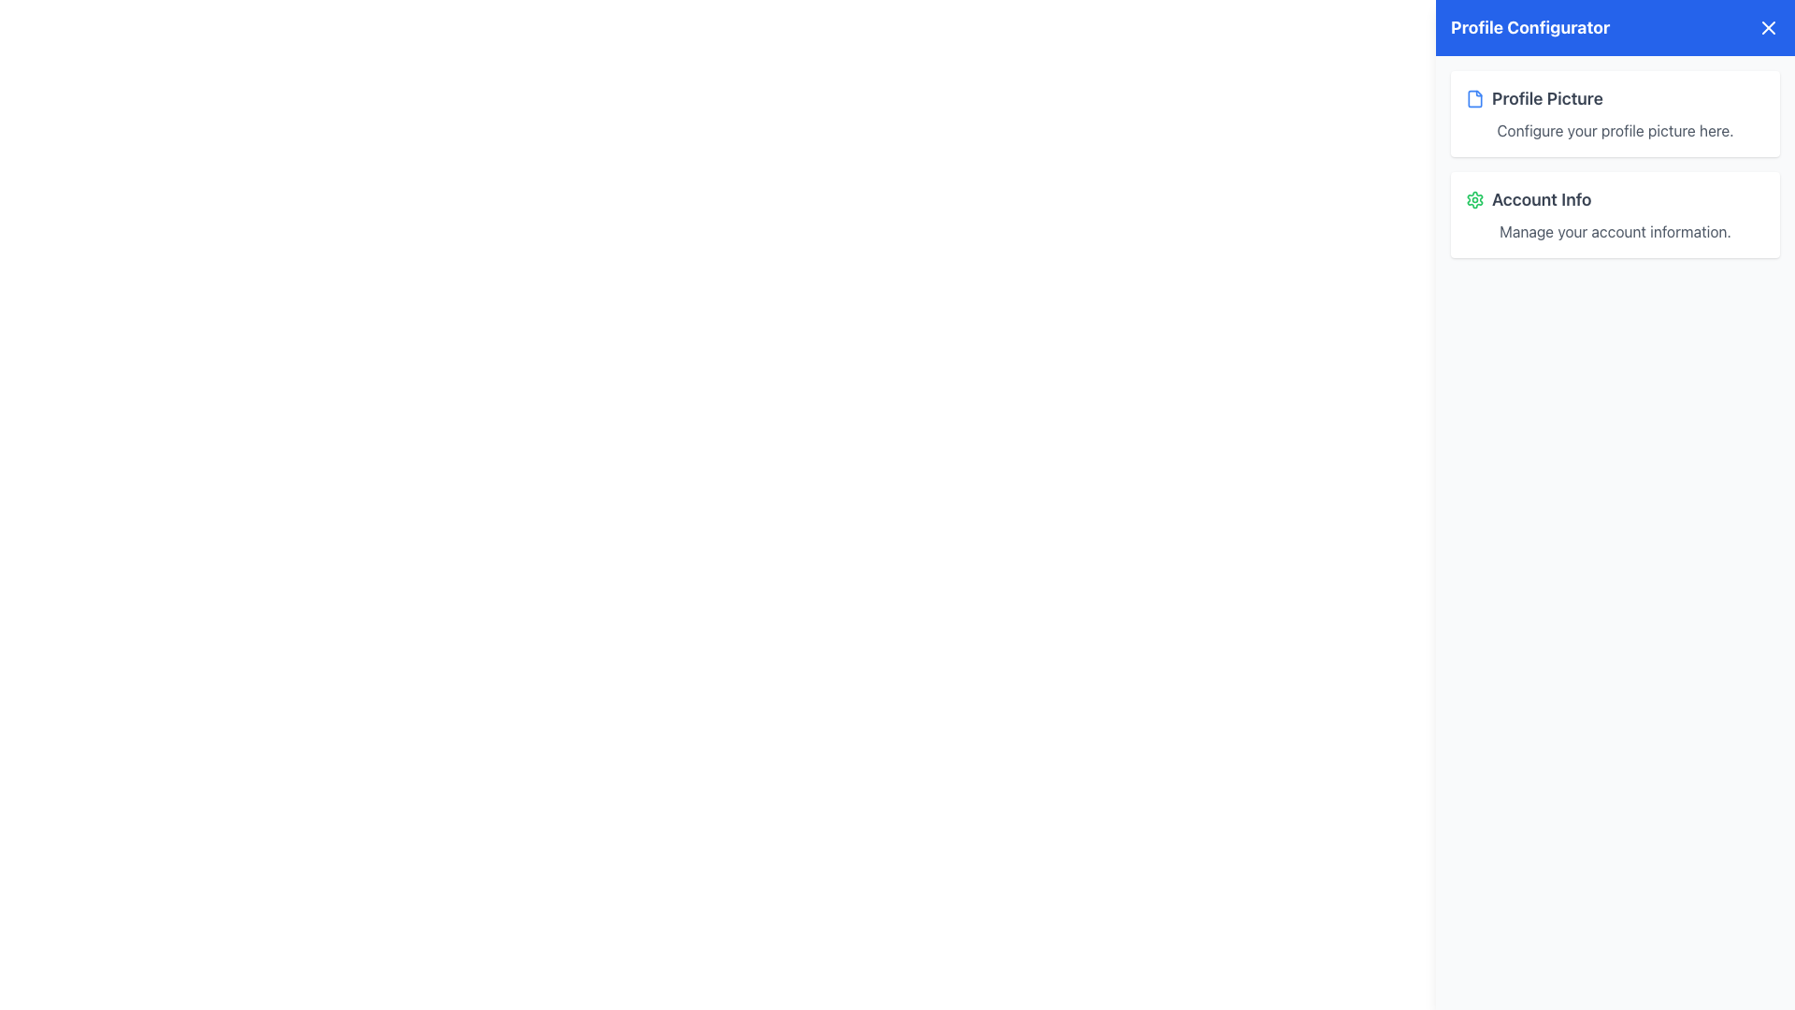  What do you see at coordinates (1474, 98) in the screenshot?
I see `the profile picture configuration icon located to the left of the 'Profile Picture' text in the top section of the sidebar` at bounding box center [1474, 98].